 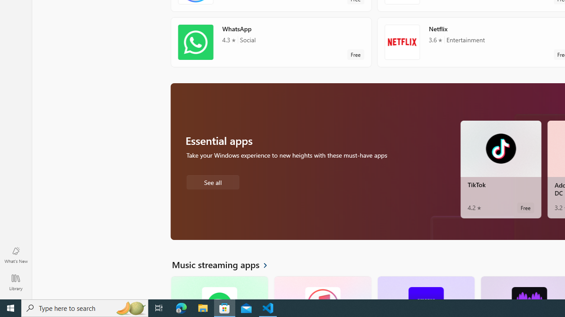 What do you see at coordinates (225, 264) in the screenshot?
I see `'See all  Music streaming apps'` at bounding box center [225, 264].